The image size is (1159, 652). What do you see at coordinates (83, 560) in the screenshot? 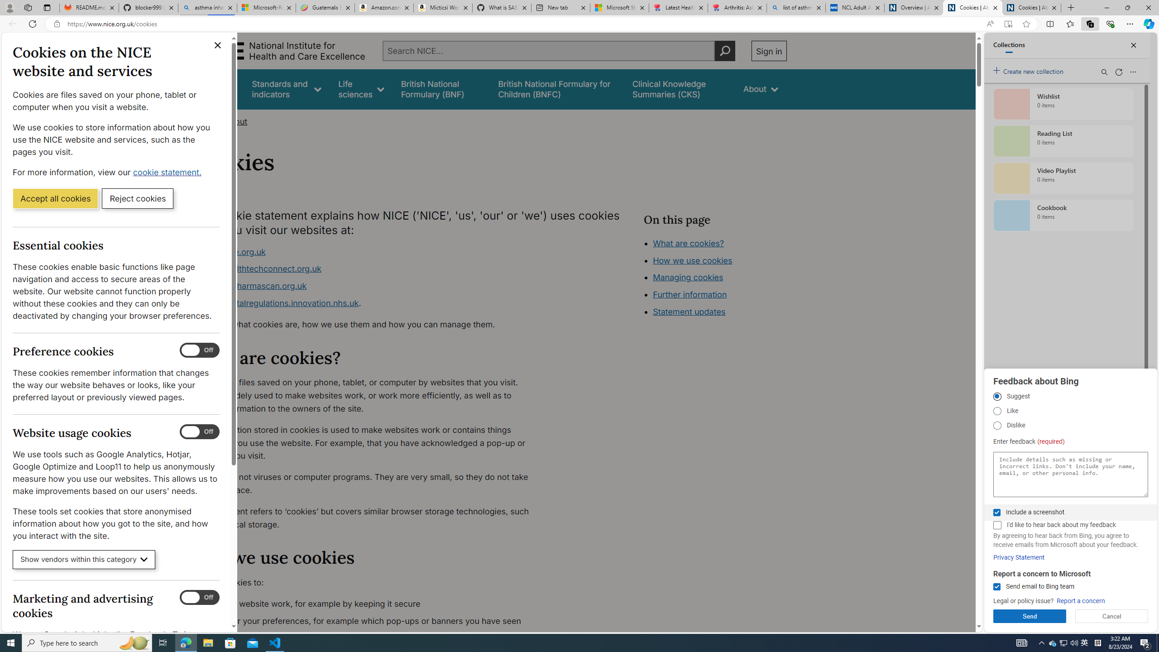
I see `'Show vendors within this category'` at bounding box center [83, 560].